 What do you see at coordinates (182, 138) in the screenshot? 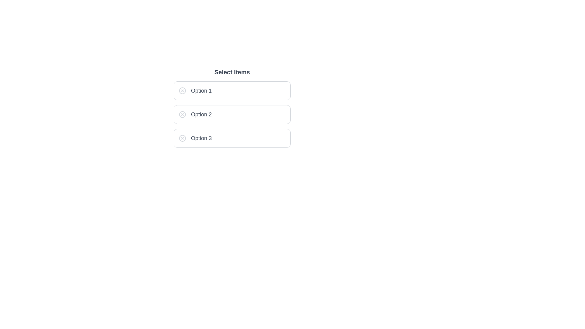
I see `the leftmost circle-X icon associated with 'Option 3'` at bounding box center [182, 138].